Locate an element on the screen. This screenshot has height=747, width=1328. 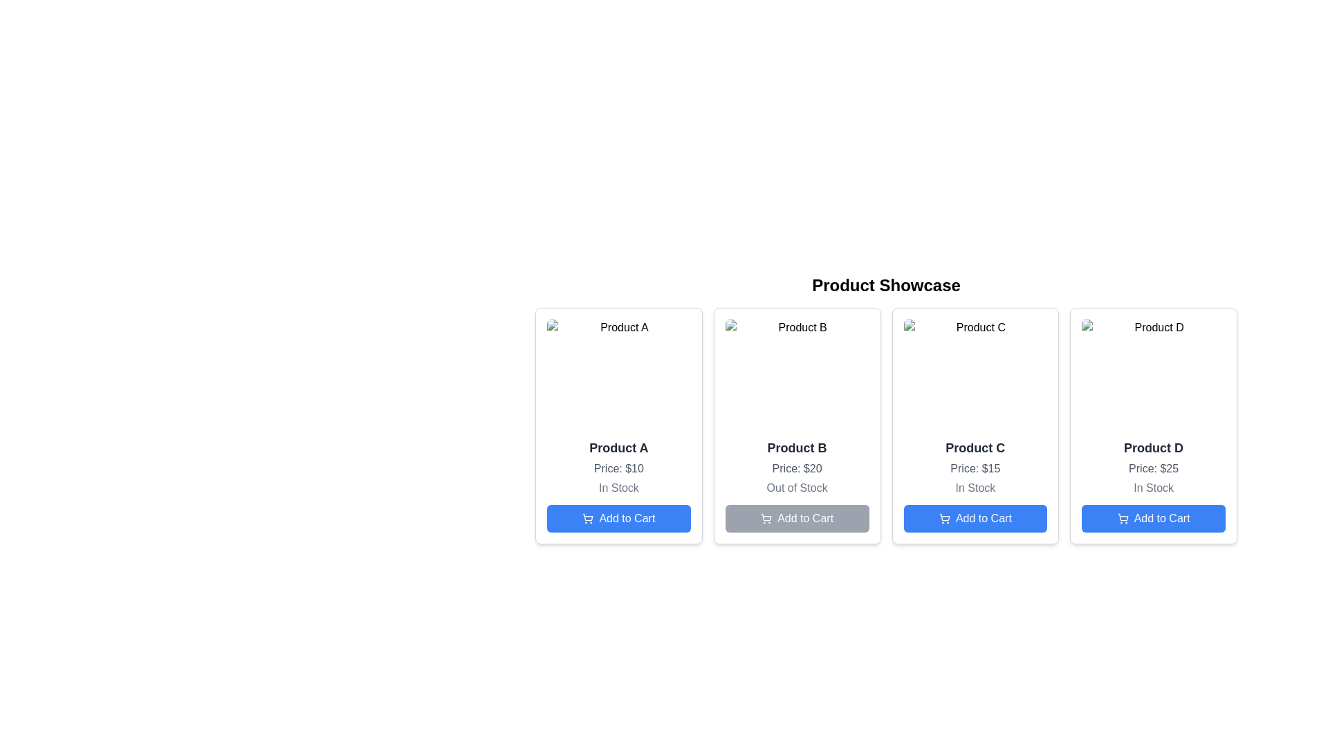
the gray text that indicates the price of 'Product A', which states 'Price: $10', located beneath the item title and above the stock information is located at coordinates (618, 468).